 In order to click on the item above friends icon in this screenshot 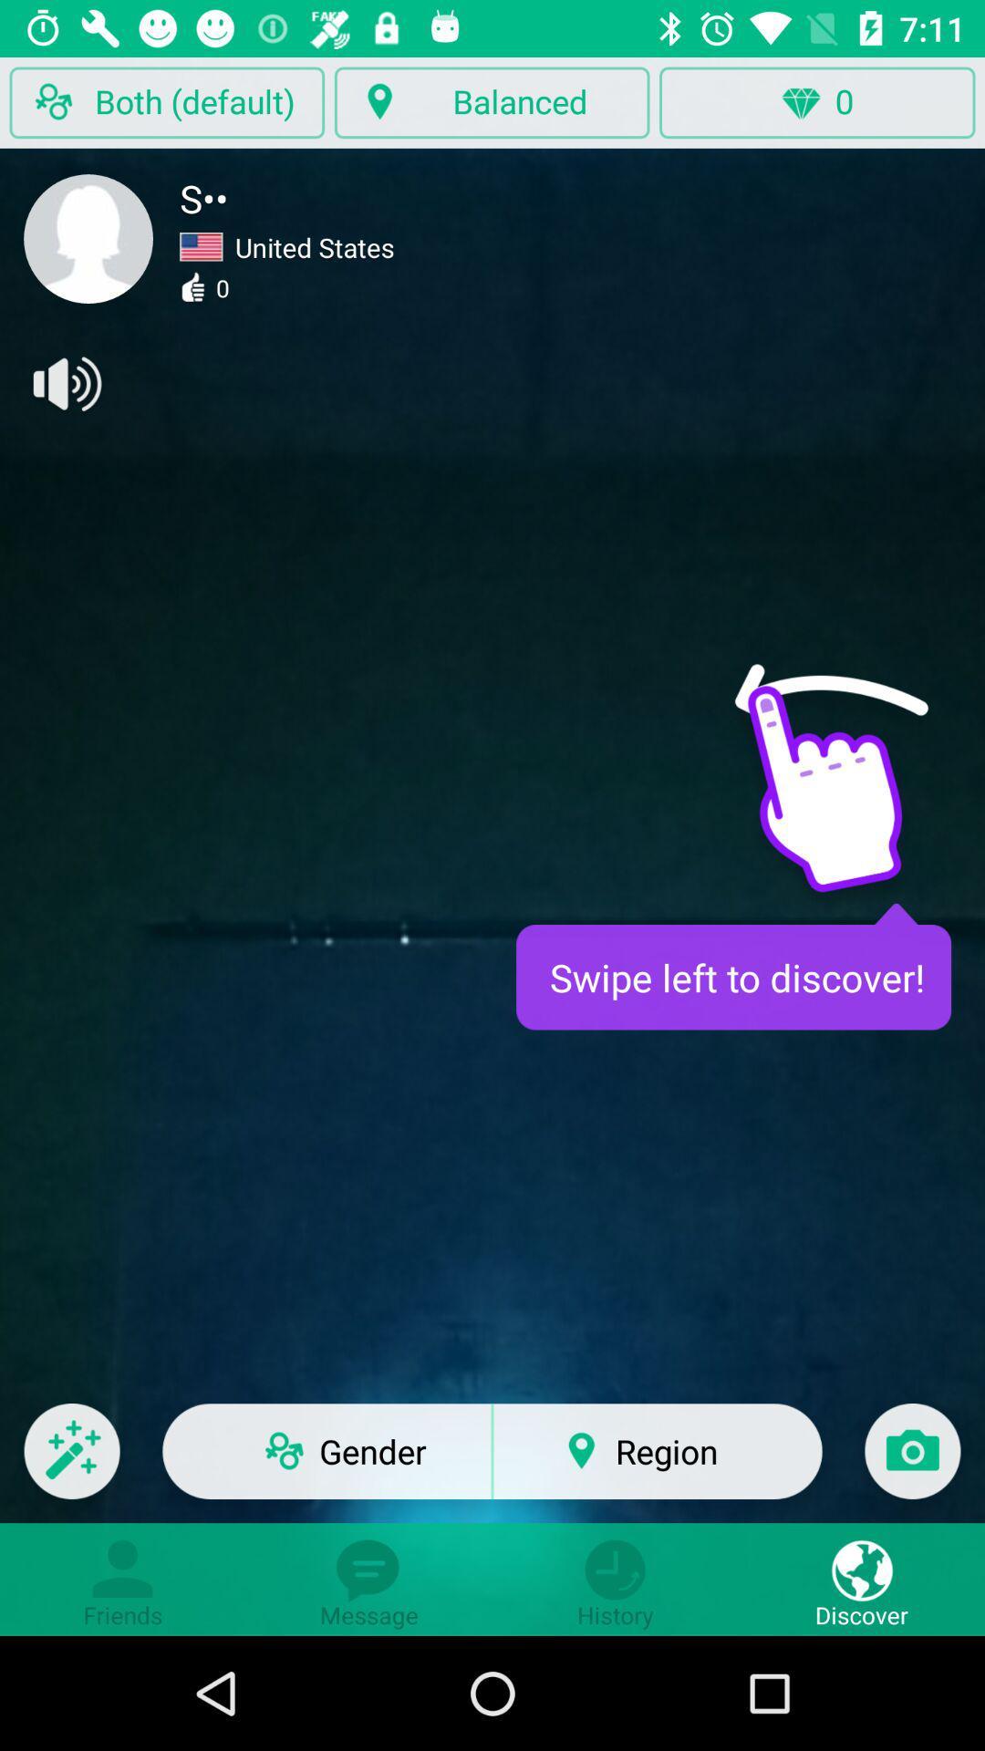, I will do `click(71, 1463)`.